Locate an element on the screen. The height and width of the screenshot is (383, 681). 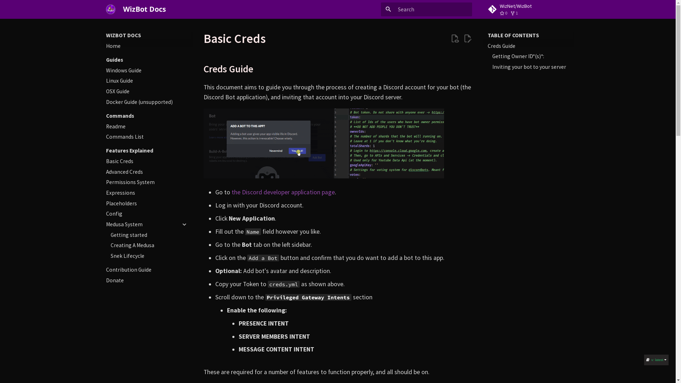
'Windows Guide' is located at coordinates (146, 71).